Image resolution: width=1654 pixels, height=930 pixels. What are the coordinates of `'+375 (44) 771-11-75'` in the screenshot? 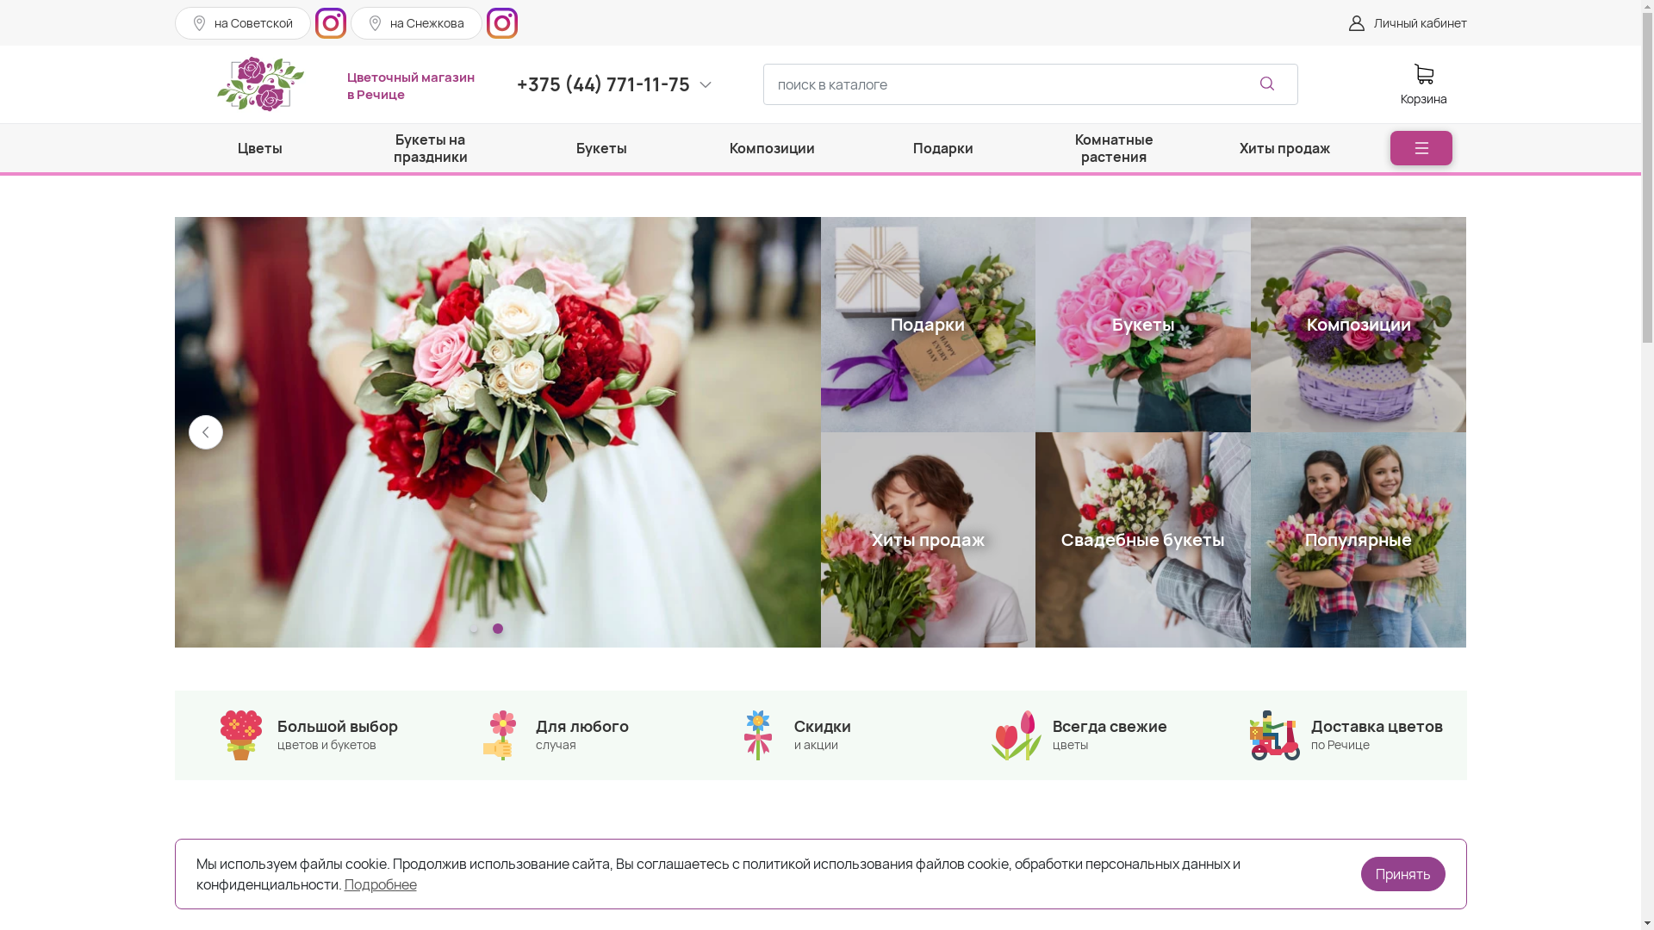 It's located at (611, 84).